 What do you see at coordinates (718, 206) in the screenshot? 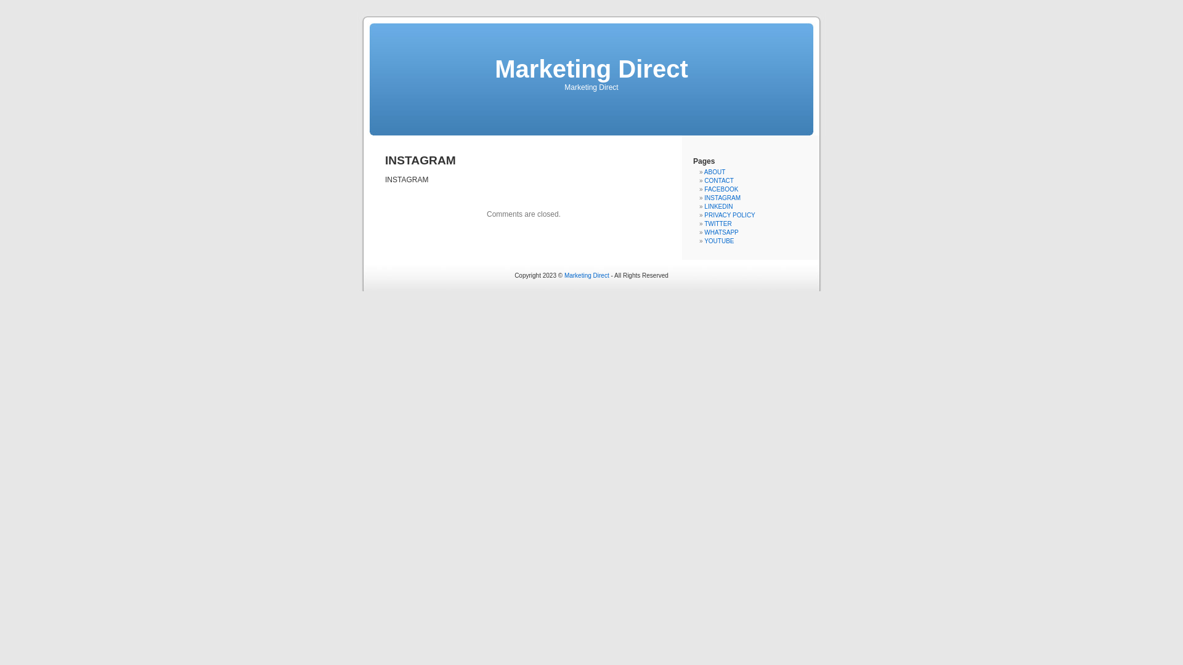
I see `'LINKEDIN'` at bounding box center [718, 206].